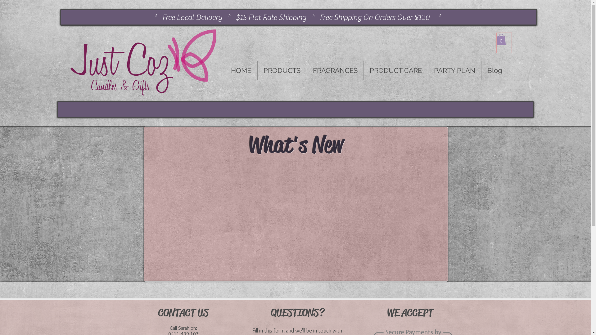 The image size is (596, 335). What do you see at coordinates (494, 70) in the screenshot?
I see `'Blog'` at bounding box center [494, 70].